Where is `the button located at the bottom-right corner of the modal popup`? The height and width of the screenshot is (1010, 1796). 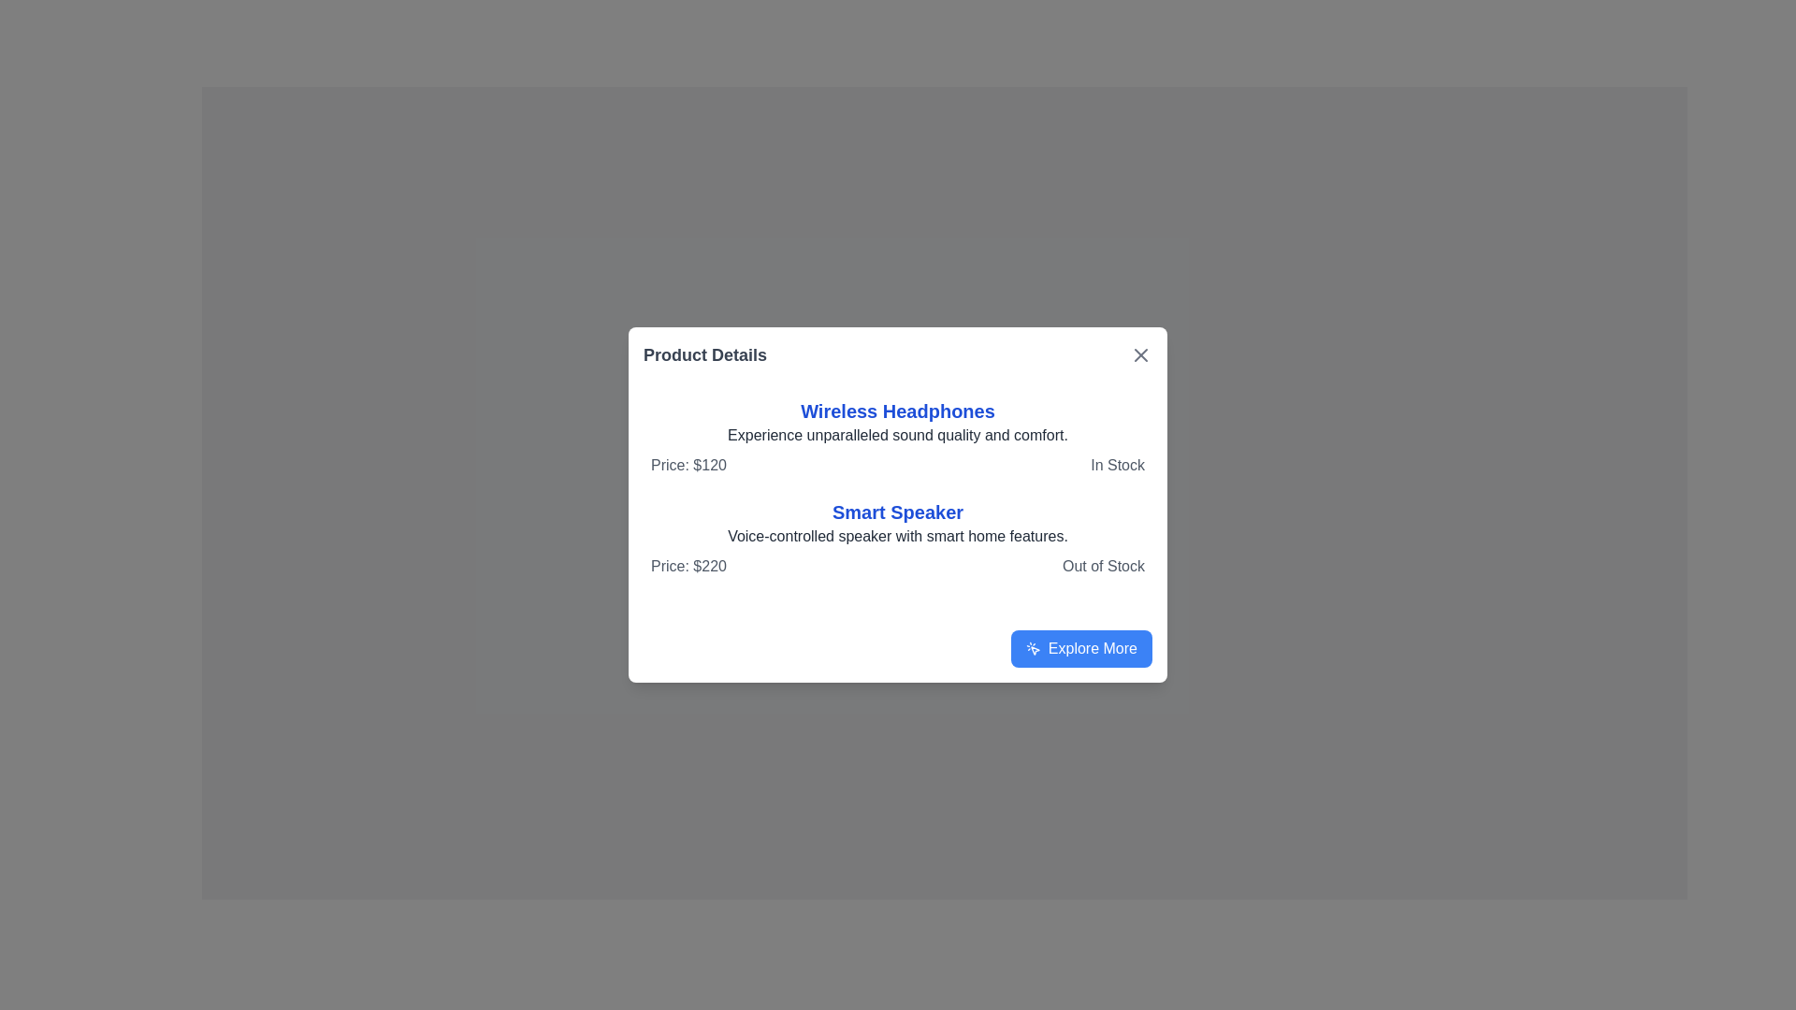 the button located at the bottom-right corner of the modal popup is located at coordinates (1081, 648).